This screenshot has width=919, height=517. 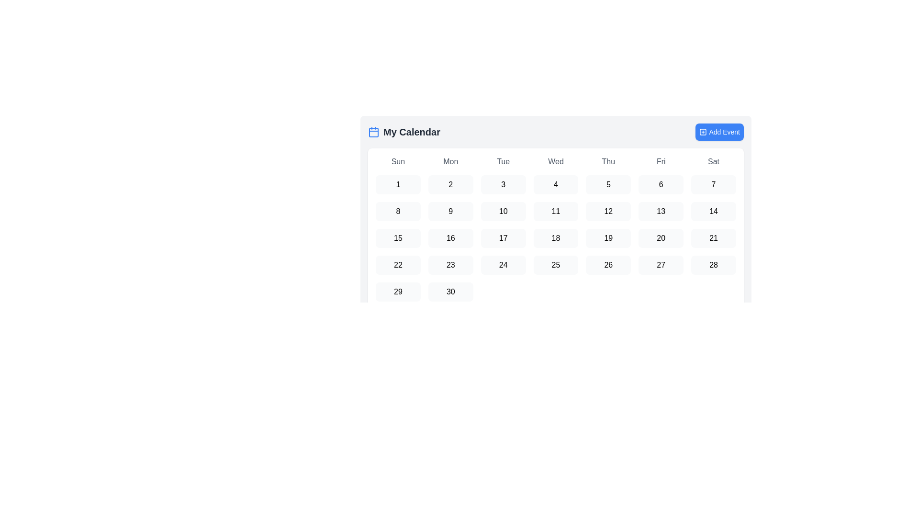 I want to click on the text element labeled 'Thu', which is styled in gray and located in the header section of a calendar grid, representing Thursday, so click(x=608, y=161).